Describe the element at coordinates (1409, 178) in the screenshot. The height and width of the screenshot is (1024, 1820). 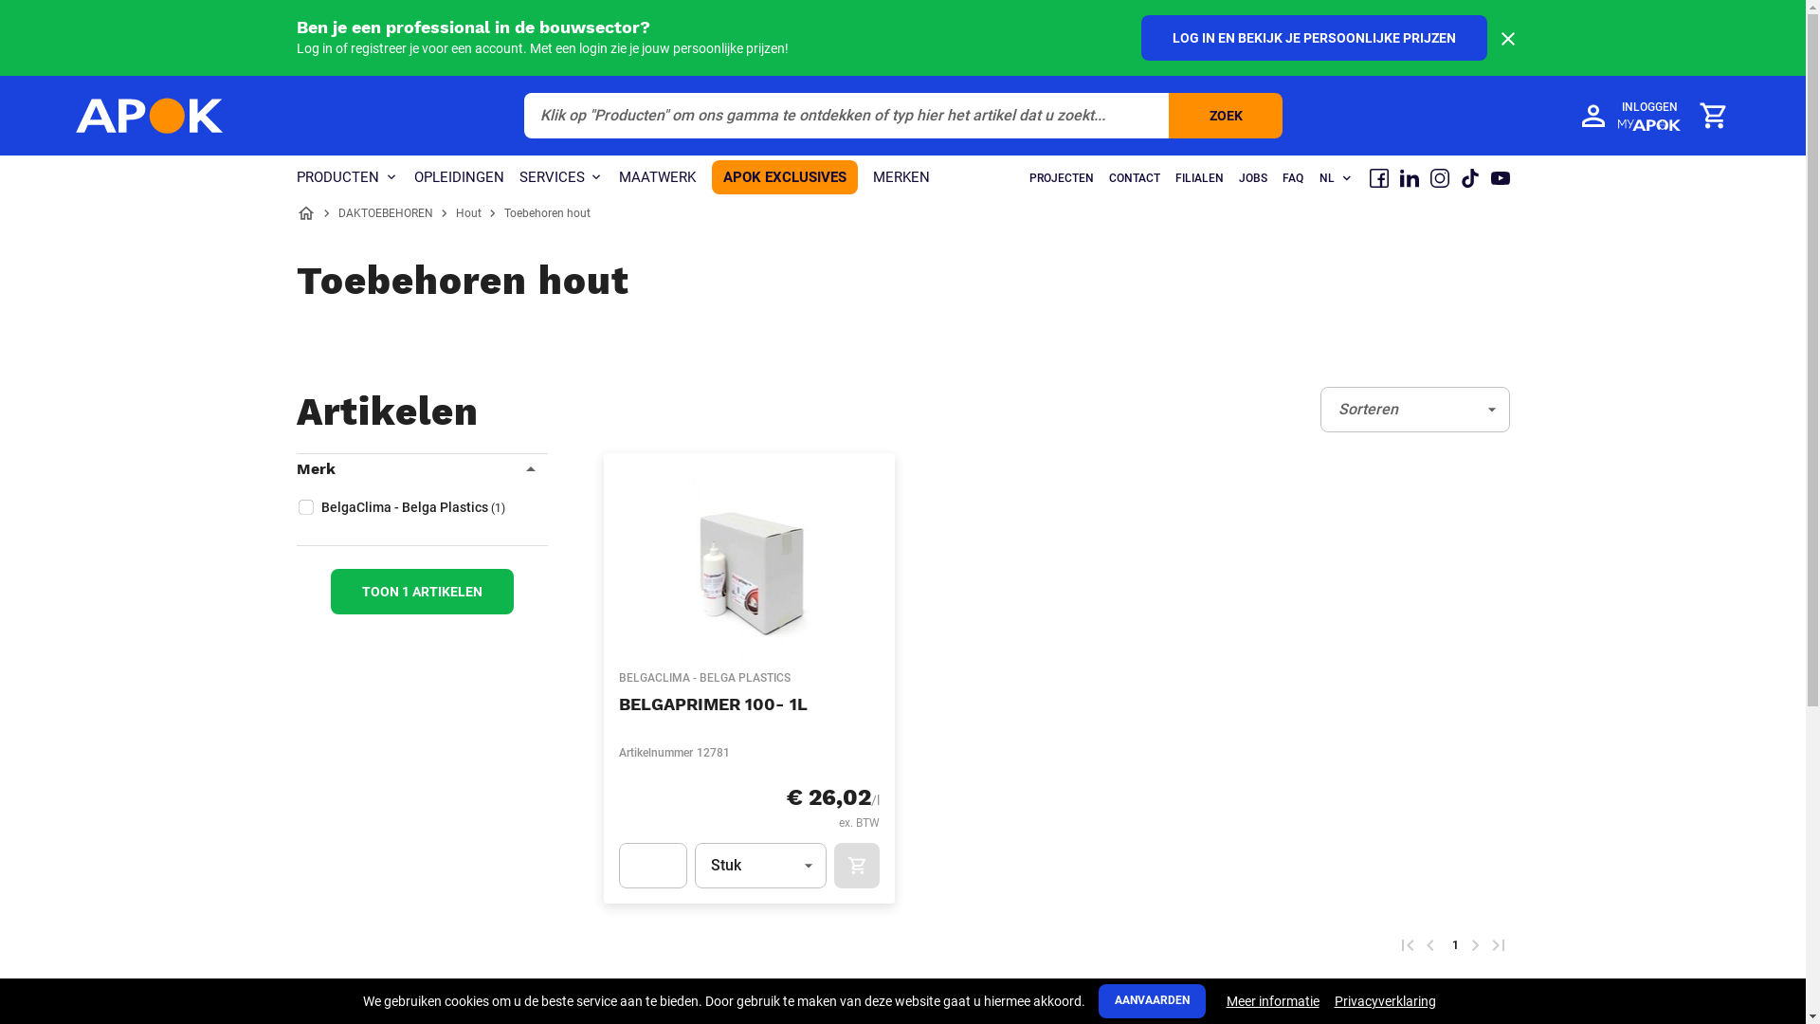
I see `'LinkedIn'` at that location.